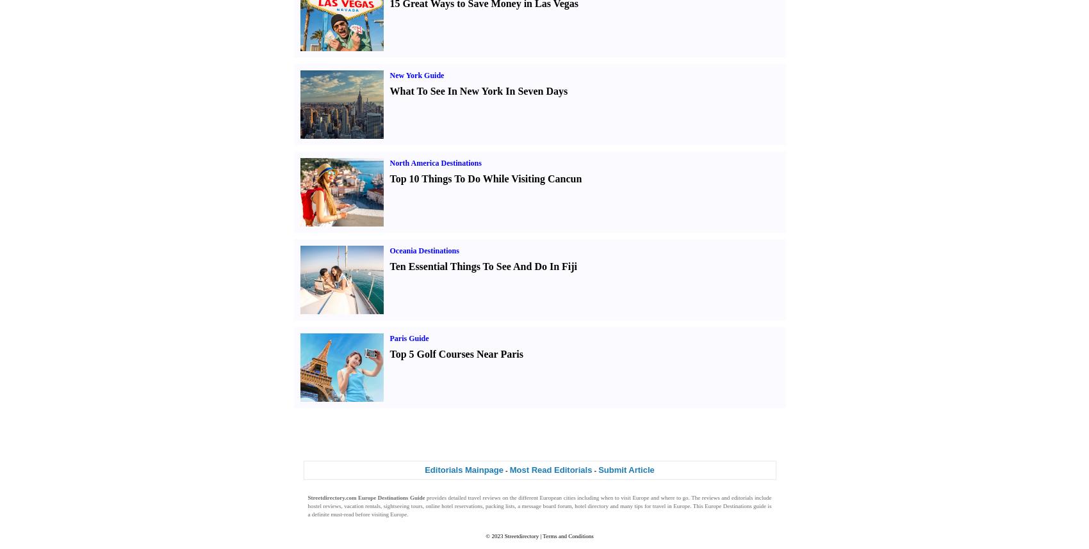 The height and width of the screenshot is (549, 1089). What do you see at coordinates (357, 498) in the screenshot?
I see `'Streetdirectory.com Europe Destinations'` at bounding box center [357, 498].